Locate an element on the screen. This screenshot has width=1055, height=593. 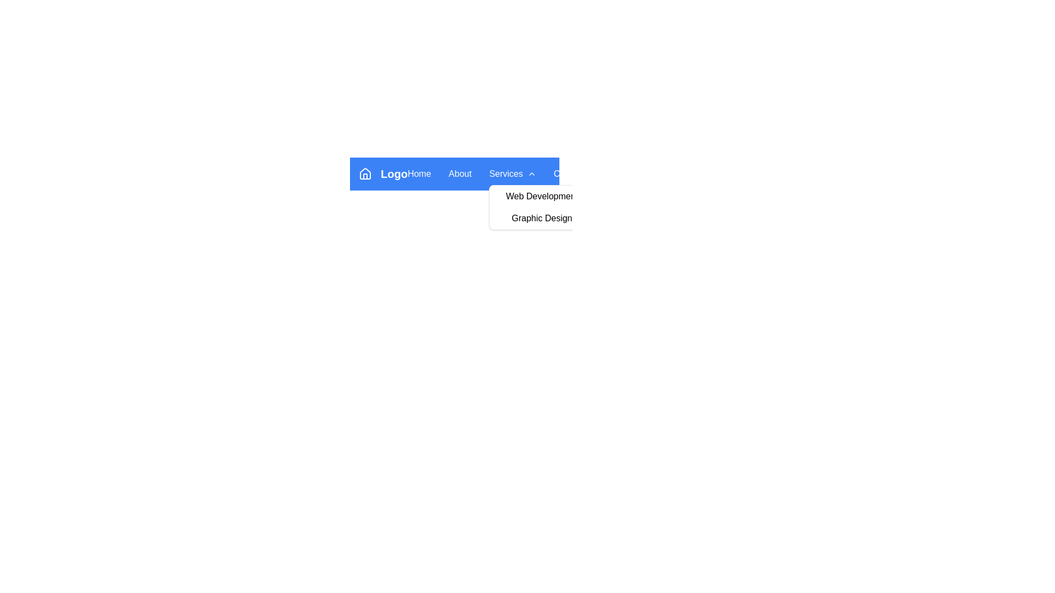
the dropdown trigger located in the center of the top navigation bar is located at coordinates (512, 173).